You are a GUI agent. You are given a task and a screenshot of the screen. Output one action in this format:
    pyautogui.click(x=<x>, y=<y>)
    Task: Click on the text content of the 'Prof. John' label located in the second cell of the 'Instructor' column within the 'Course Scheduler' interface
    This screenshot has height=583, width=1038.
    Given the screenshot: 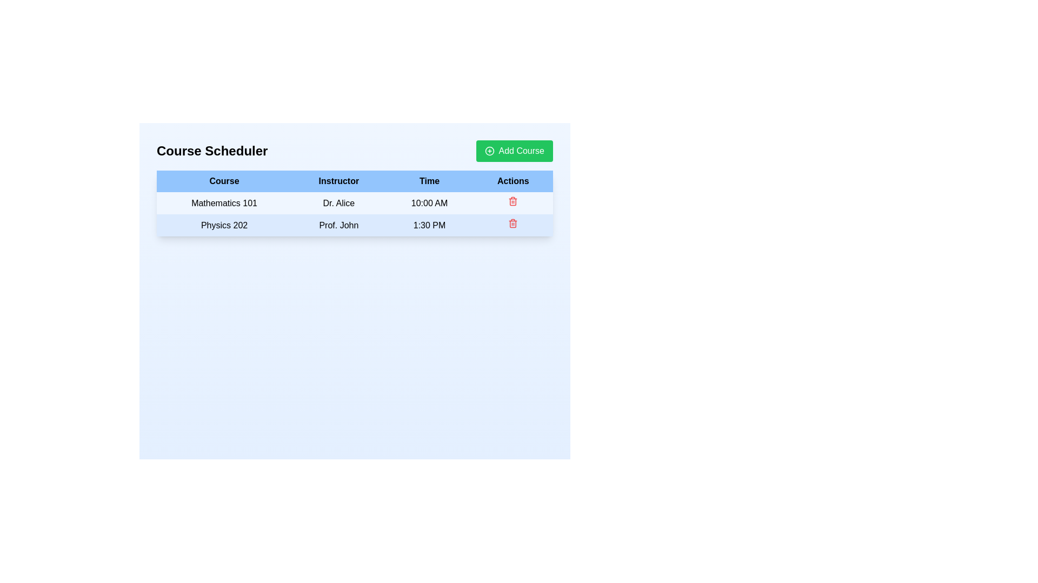 What is the action you would take?
    pyautogui.click(x=338, y=225)
    